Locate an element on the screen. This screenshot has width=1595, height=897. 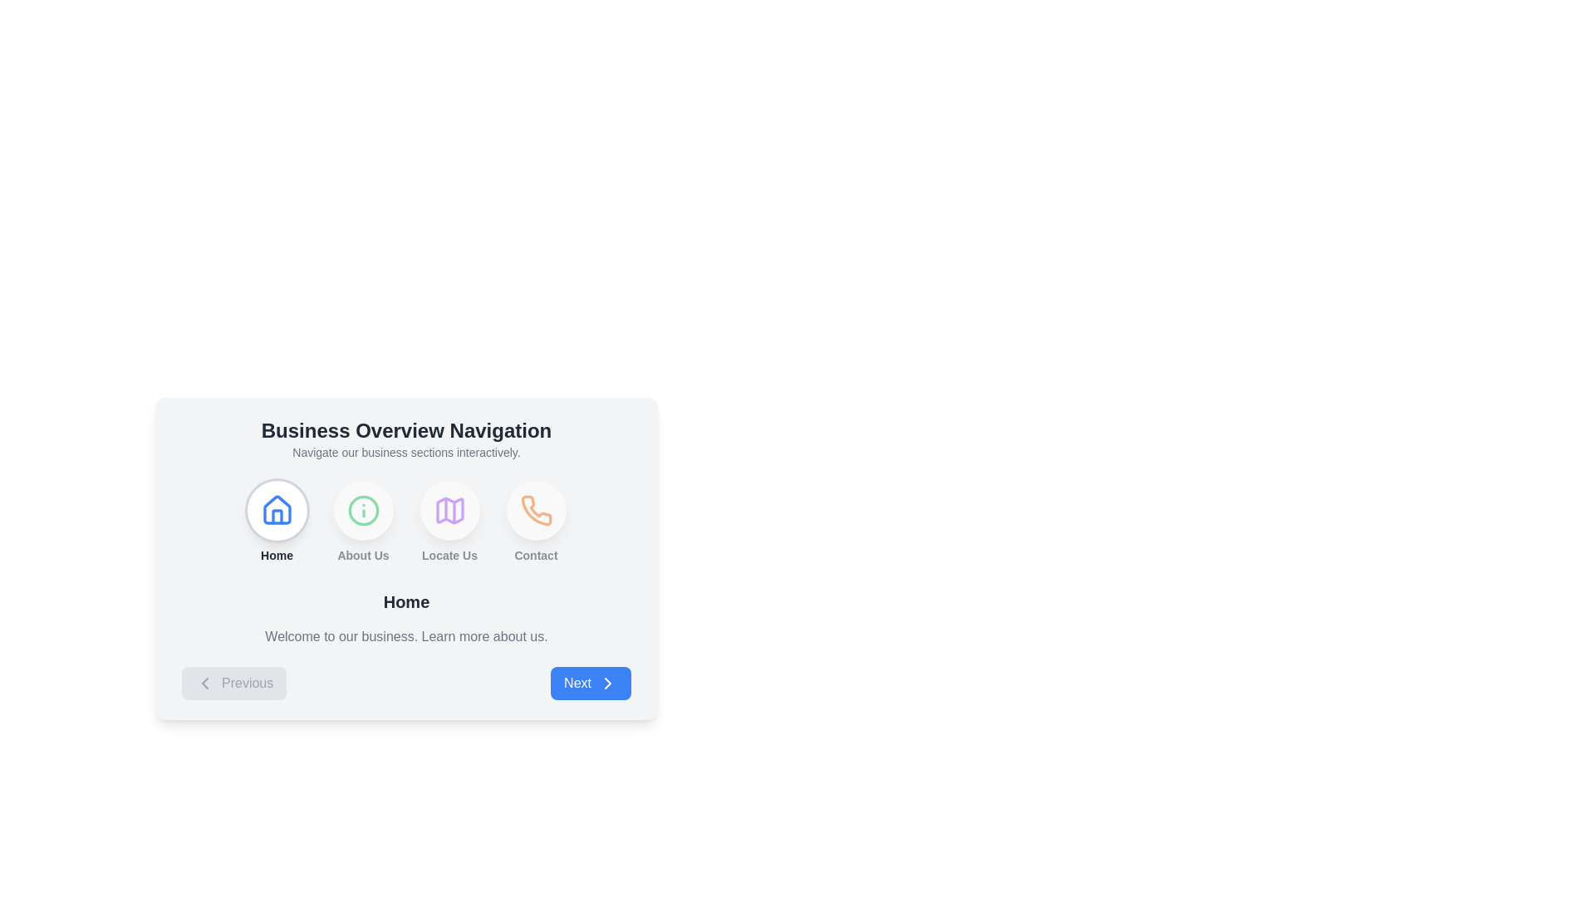
the 'Home' icon in the navigation menu, which is the first icon on the left, representing the main section of the application is located at coordinates (277, 509).